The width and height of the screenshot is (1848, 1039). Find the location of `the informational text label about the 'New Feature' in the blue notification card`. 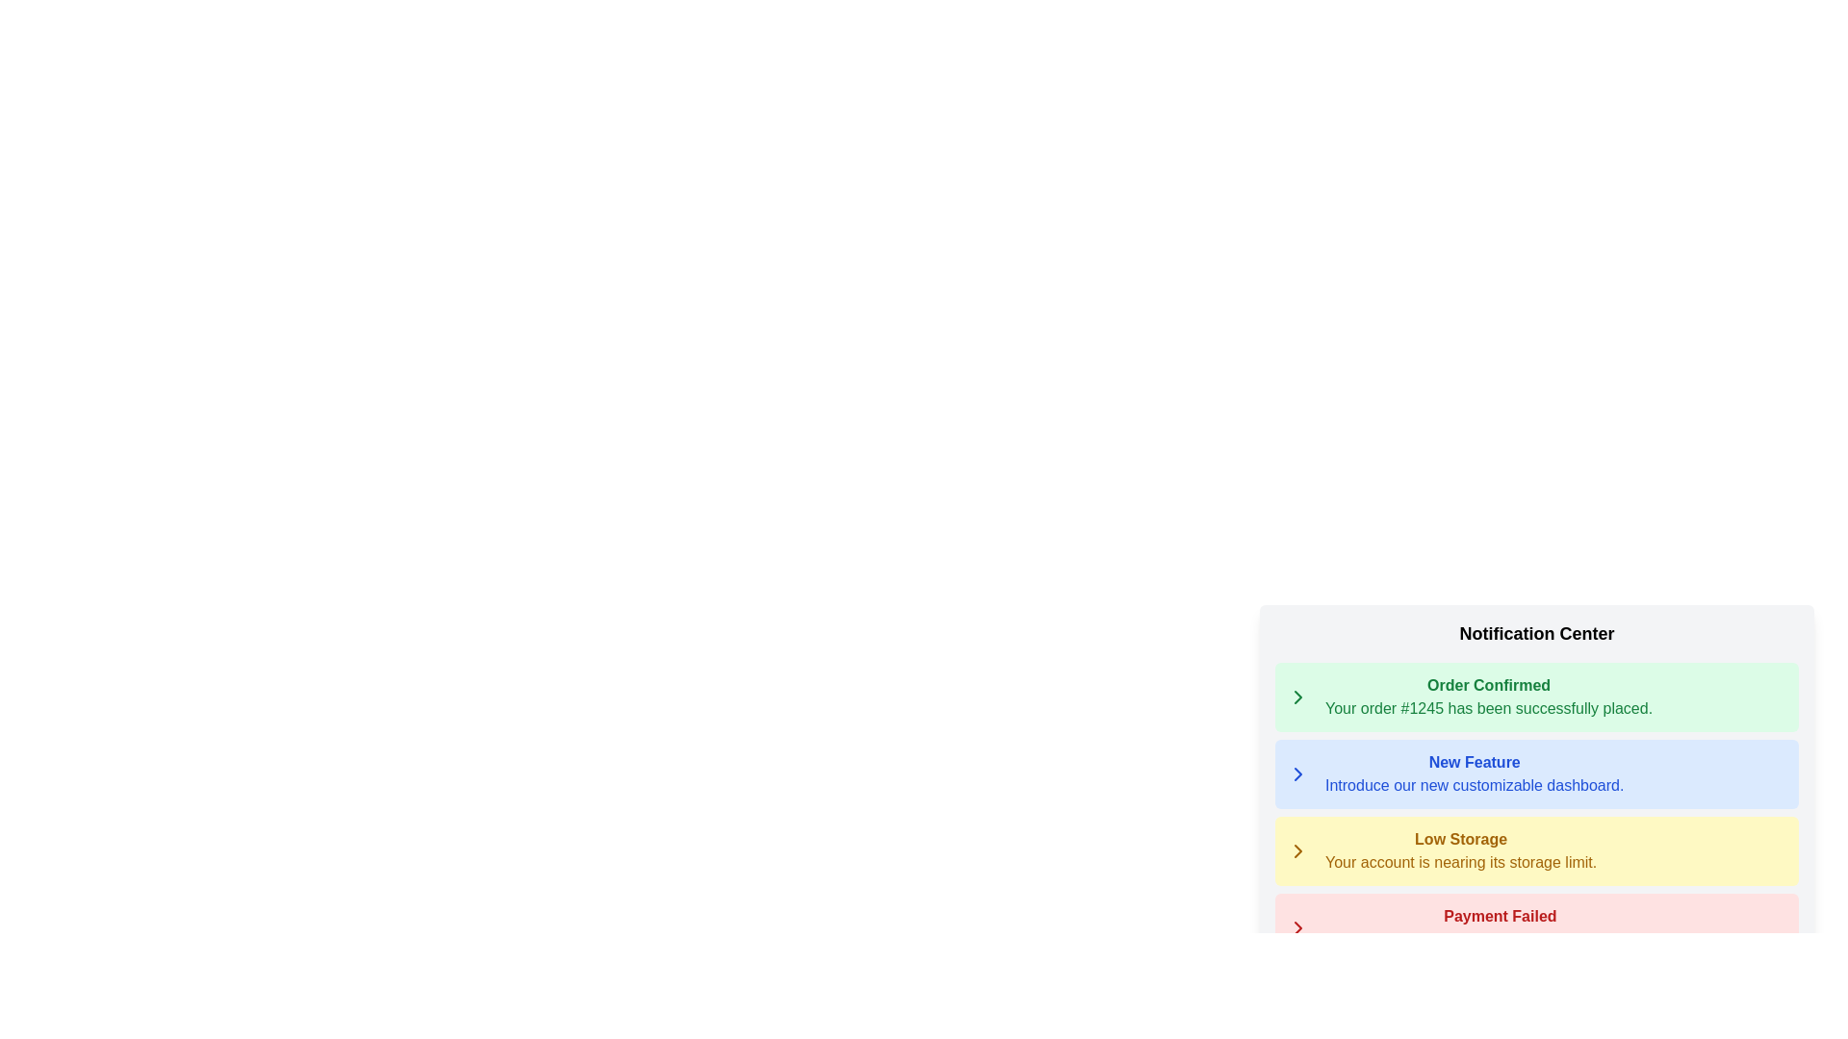

the informational text label about the 'New Feature' in the blue notification card is located at coordinates (1473, 786).